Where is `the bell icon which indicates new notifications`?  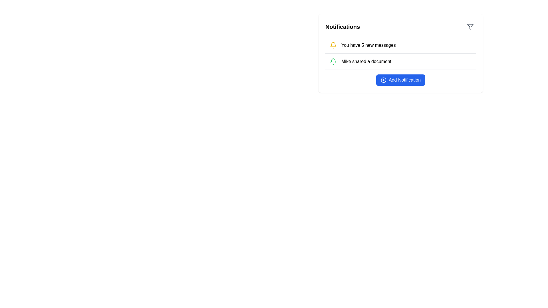 the bell icon which indicates new notifications is located at coordinates (333, 45).